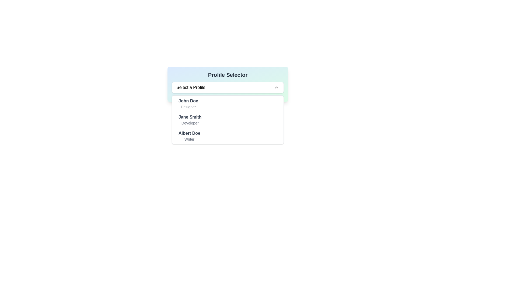 The width and height of the screenshot is (517, 291). I want to click on the static text label that provides additional detail for 'Albert Doe', located directly beneath the 'Albert Doe' text, so click(189, 139).